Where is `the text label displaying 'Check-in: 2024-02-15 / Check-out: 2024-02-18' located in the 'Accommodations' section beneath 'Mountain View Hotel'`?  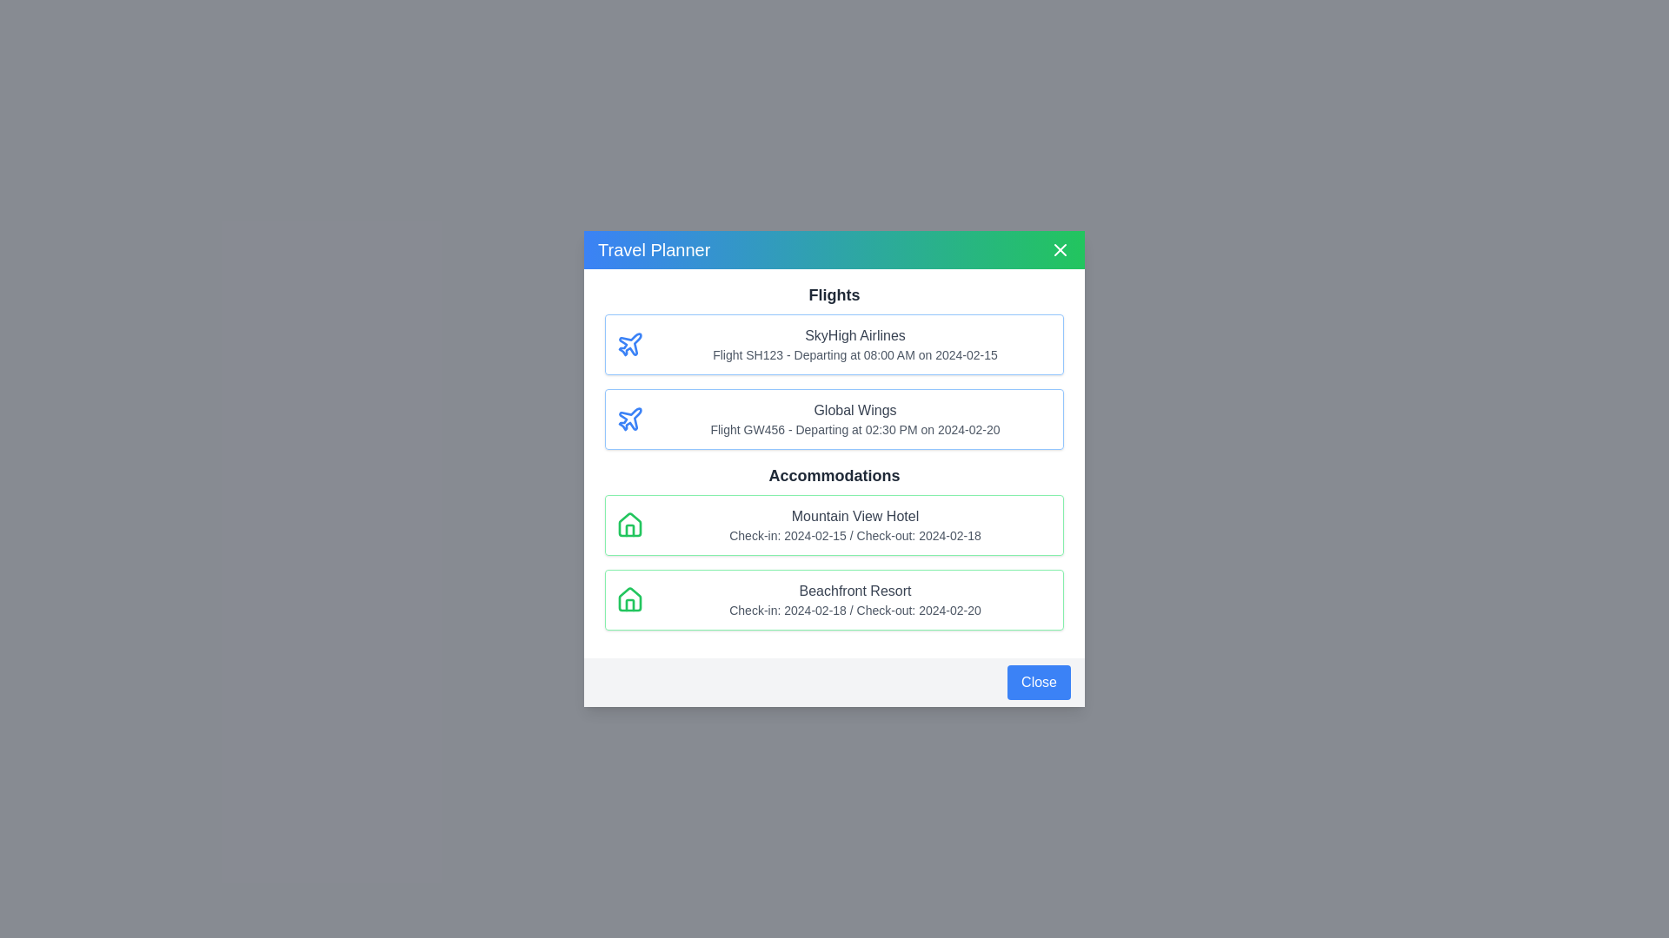 the text label displaying 'Check-in: 2024-02-15 / Check-out: 2024-02-18' located in the 'Accommodations' section beneath 'Mountain View Hotel' is located at coordinates (854, 535).